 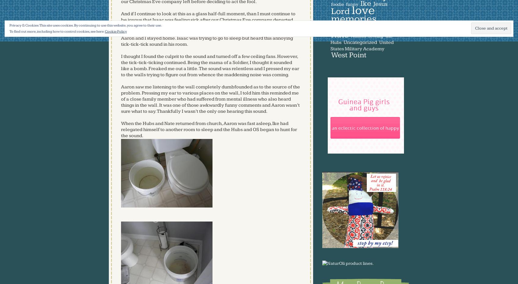 What do you see at coordinates (373, 3) in the screenshot?
I see `'Jesus'` at bounding box center [373, 3].